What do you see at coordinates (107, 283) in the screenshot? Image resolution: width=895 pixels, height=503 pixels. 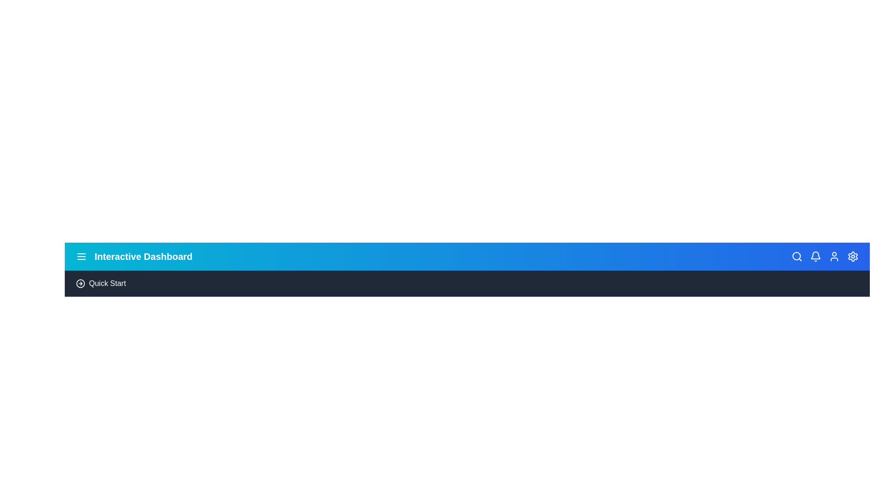 I see `the 'Quick Start' list item` at bounding box center [107, 283].